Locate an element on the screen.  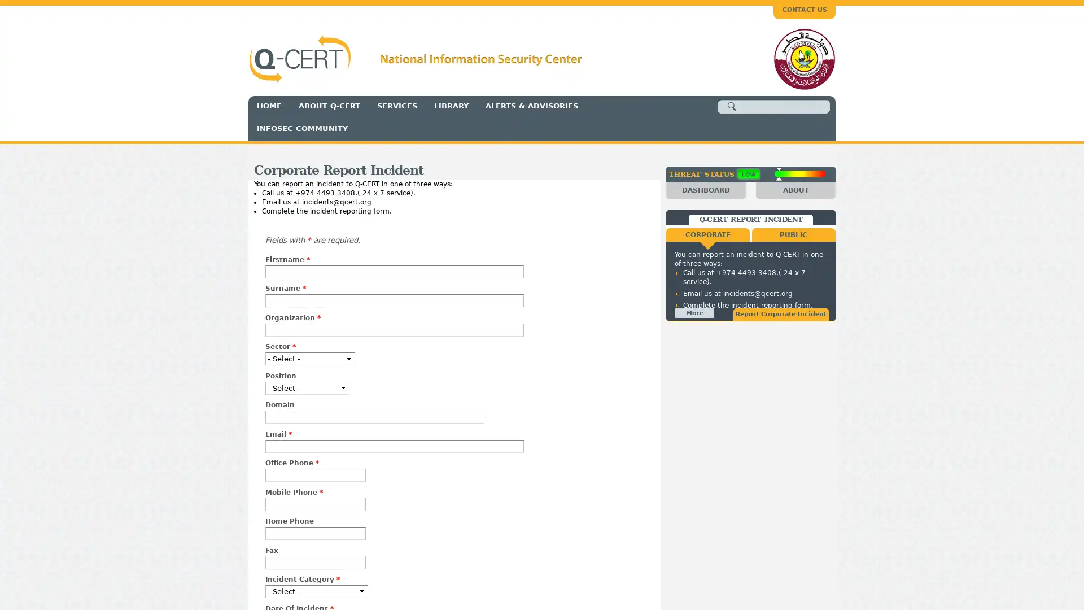
Search is located at coordinates (732, 107).